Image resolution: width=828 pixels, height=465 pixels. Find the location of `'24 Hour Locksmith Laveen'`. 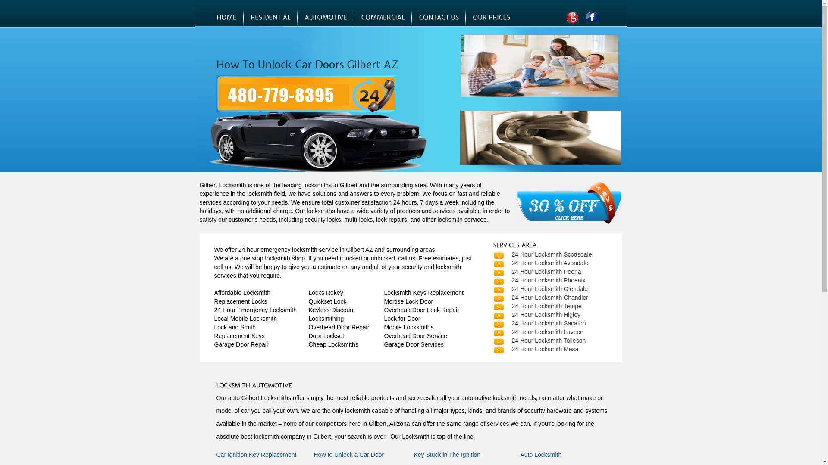

'24 Hour Locksmith Laveen' is located at coordinates (536, 332).